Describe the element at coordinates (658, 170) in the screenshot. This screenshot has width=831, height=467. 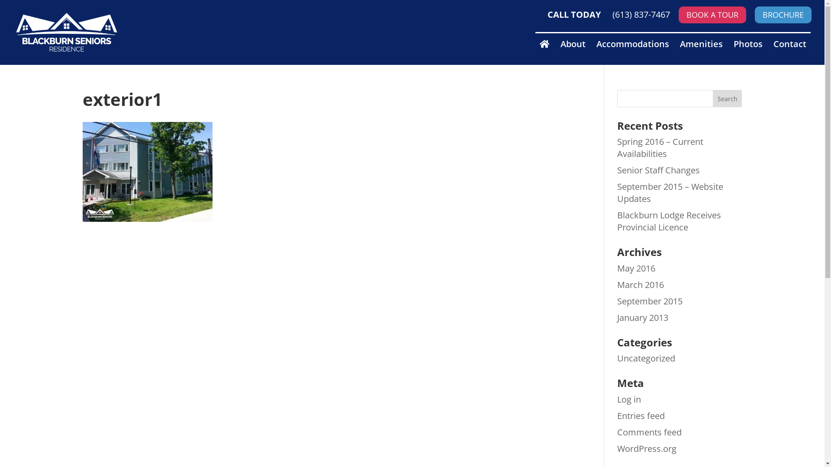
I see `'Senior Staff Changes'` at that location.